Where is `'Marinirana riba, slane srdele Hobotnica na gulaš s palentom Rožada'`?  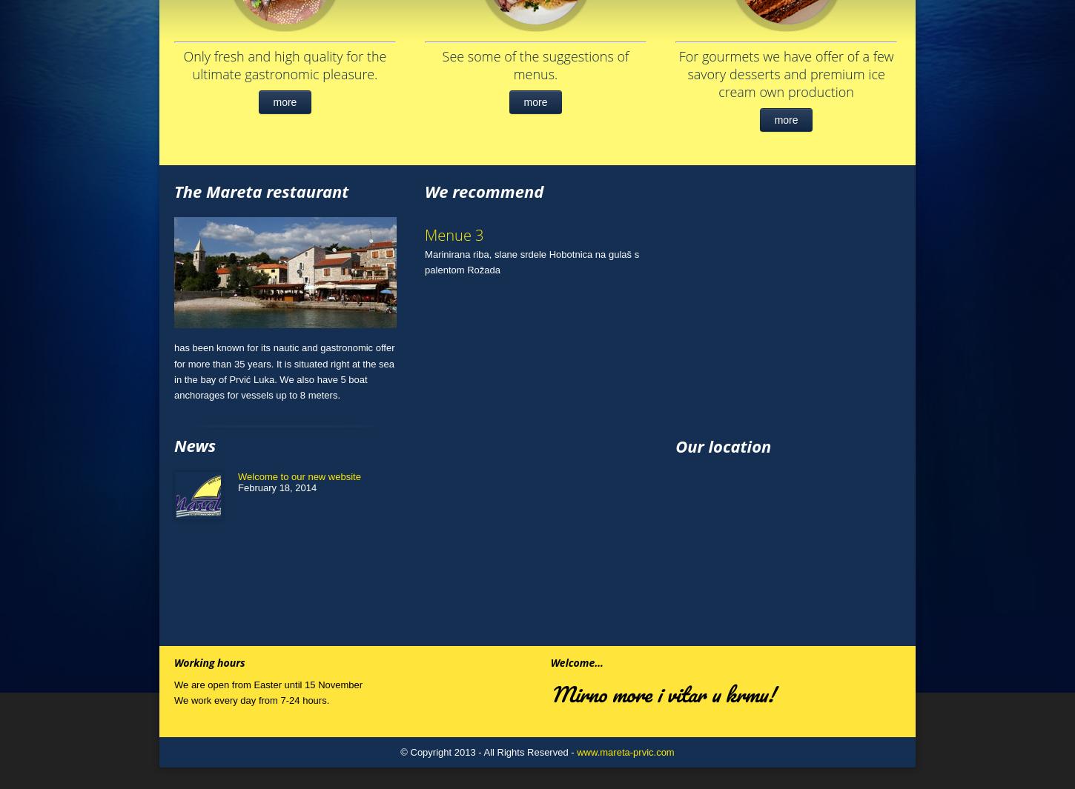 'Marinirana riba, slane srdele Hobotnica na gulaš s palentom Rožada' is located at coordinates (425, 262).